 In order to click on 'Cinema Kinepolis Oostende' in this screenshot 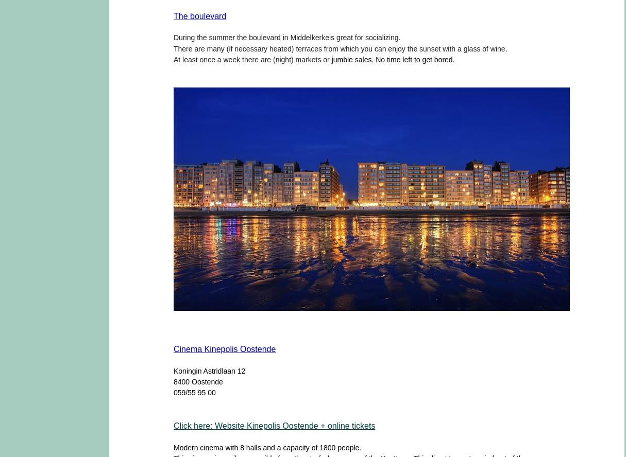, I will do `click(173, 348)`.